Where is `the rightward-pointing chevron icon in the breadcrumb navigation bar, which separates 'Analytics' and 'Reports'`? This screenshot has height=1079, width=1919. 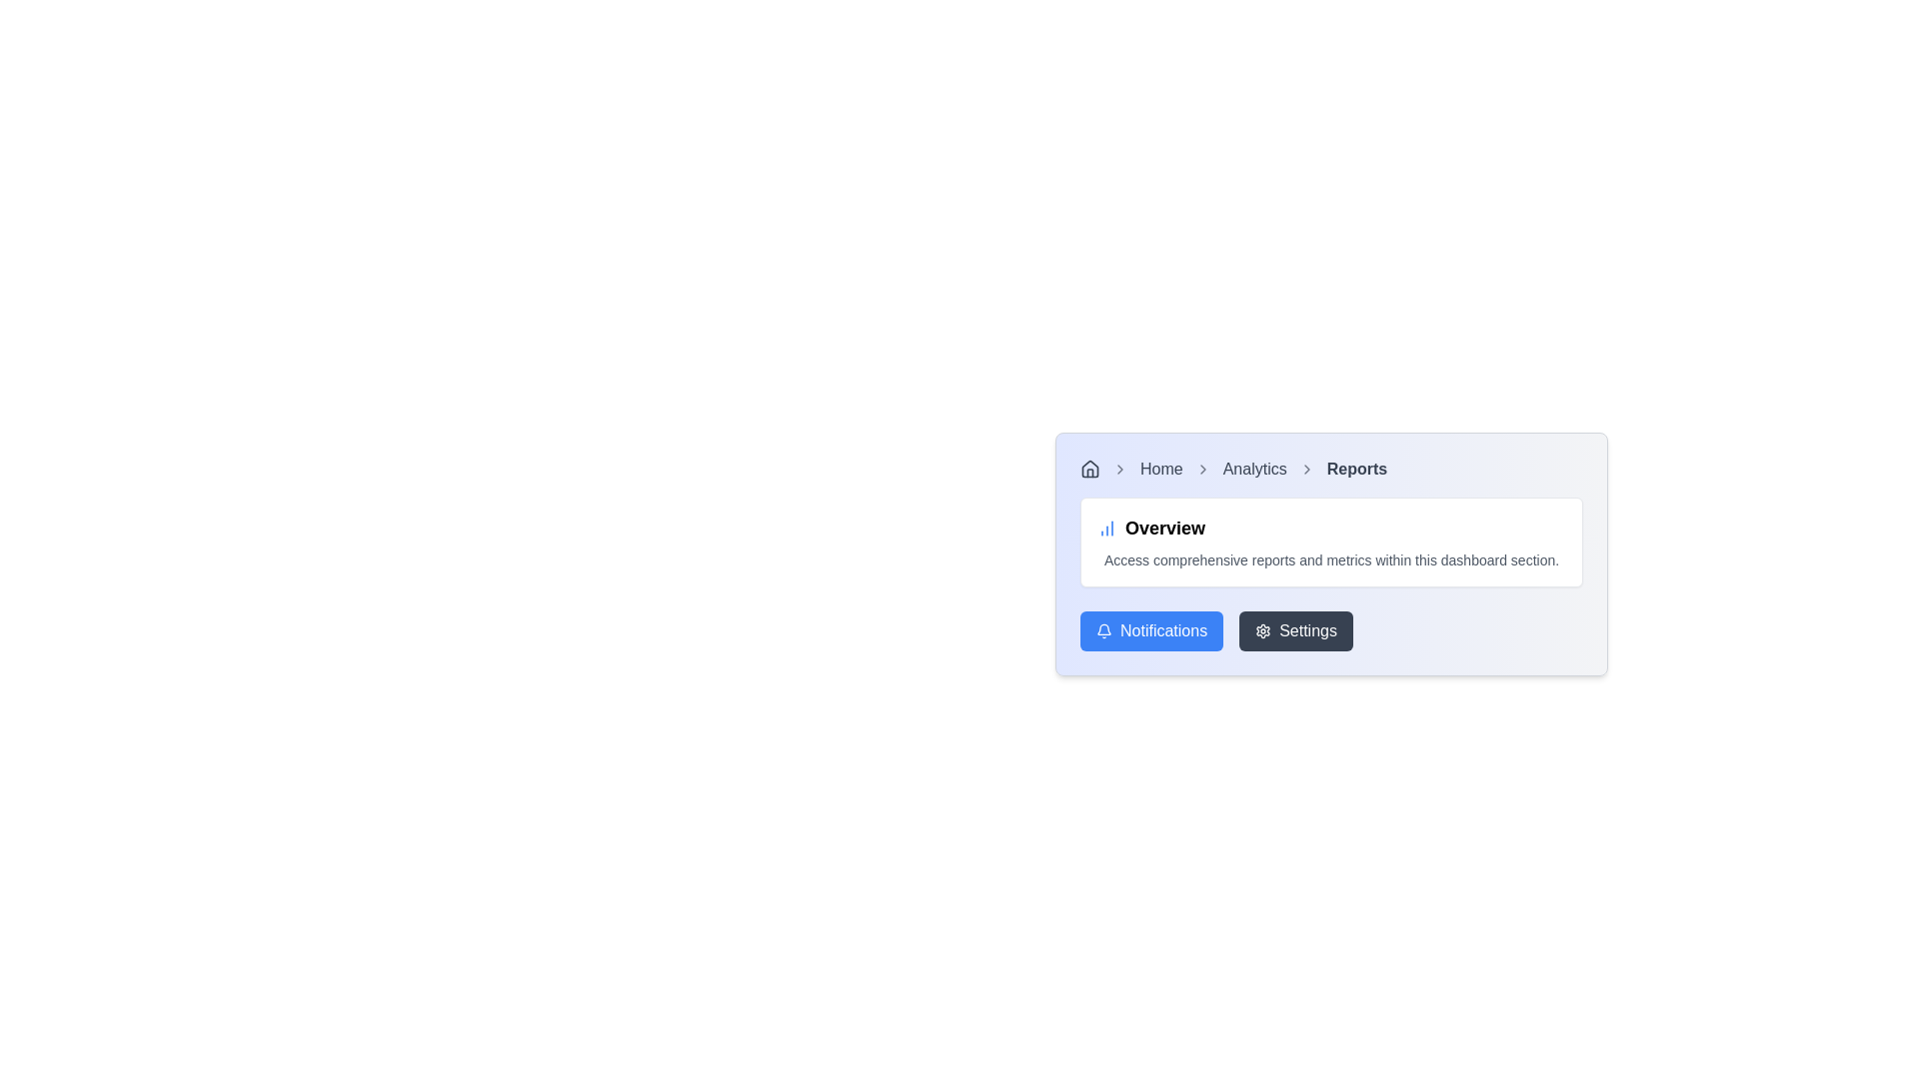
the rightward-pointing chevron icon in the breadcrumb navigation bar, which separates 'Analytics' and 'Reports' is located at coordinates (1306, 470).